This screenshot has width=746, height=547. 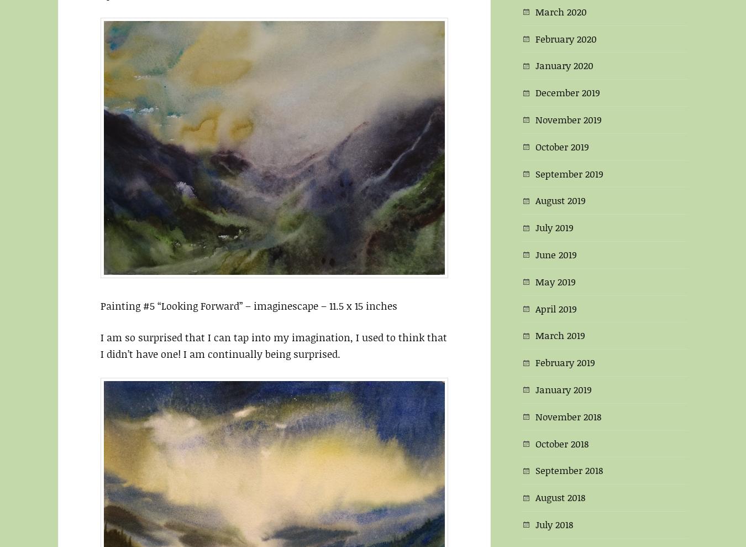 I want to click on 'January 2019', so click(x=564, y=388).